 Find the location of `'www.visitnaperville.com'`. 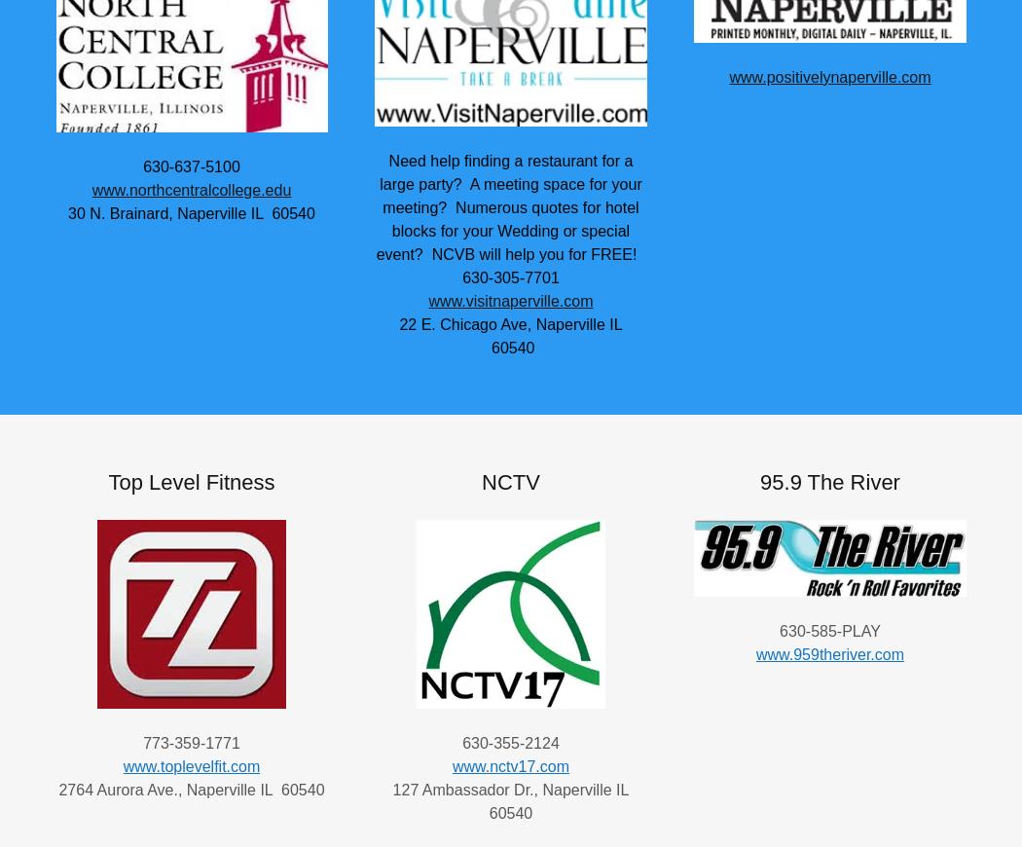

'www.visitnaperville.com' is located at coordinates (509, 301).